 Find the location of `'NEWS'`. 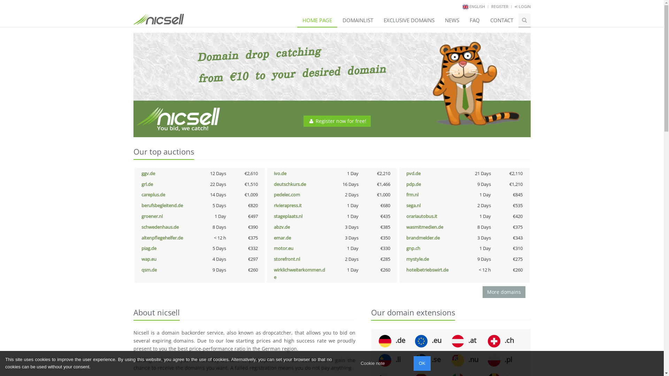

'NEWS' is located at coordinates (452, 20).